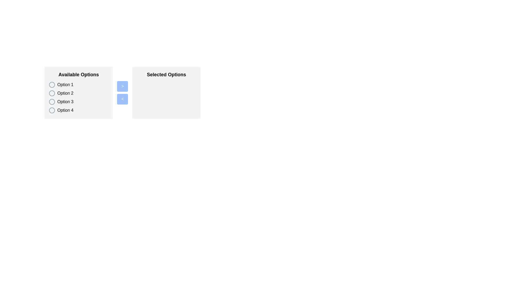 The image size is (512, 288). What do you see at coordinates (52, 84) in the screenshot?
I see `the radio button for selecting the option labeled 'Option 1', which is the first selectable circle in the 'Available Options' list` at bounding box center [52, 84].